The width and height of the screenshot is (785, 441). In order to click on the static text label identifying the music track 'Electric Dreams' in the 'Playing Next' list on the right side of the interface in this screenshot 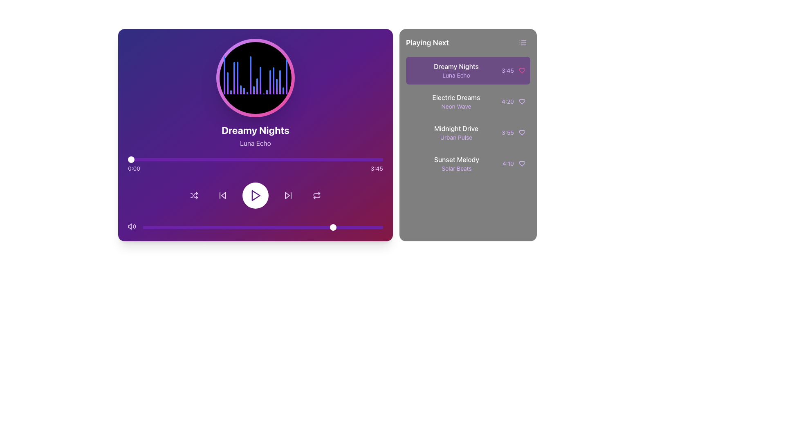, I will do `click(456, 97)`.